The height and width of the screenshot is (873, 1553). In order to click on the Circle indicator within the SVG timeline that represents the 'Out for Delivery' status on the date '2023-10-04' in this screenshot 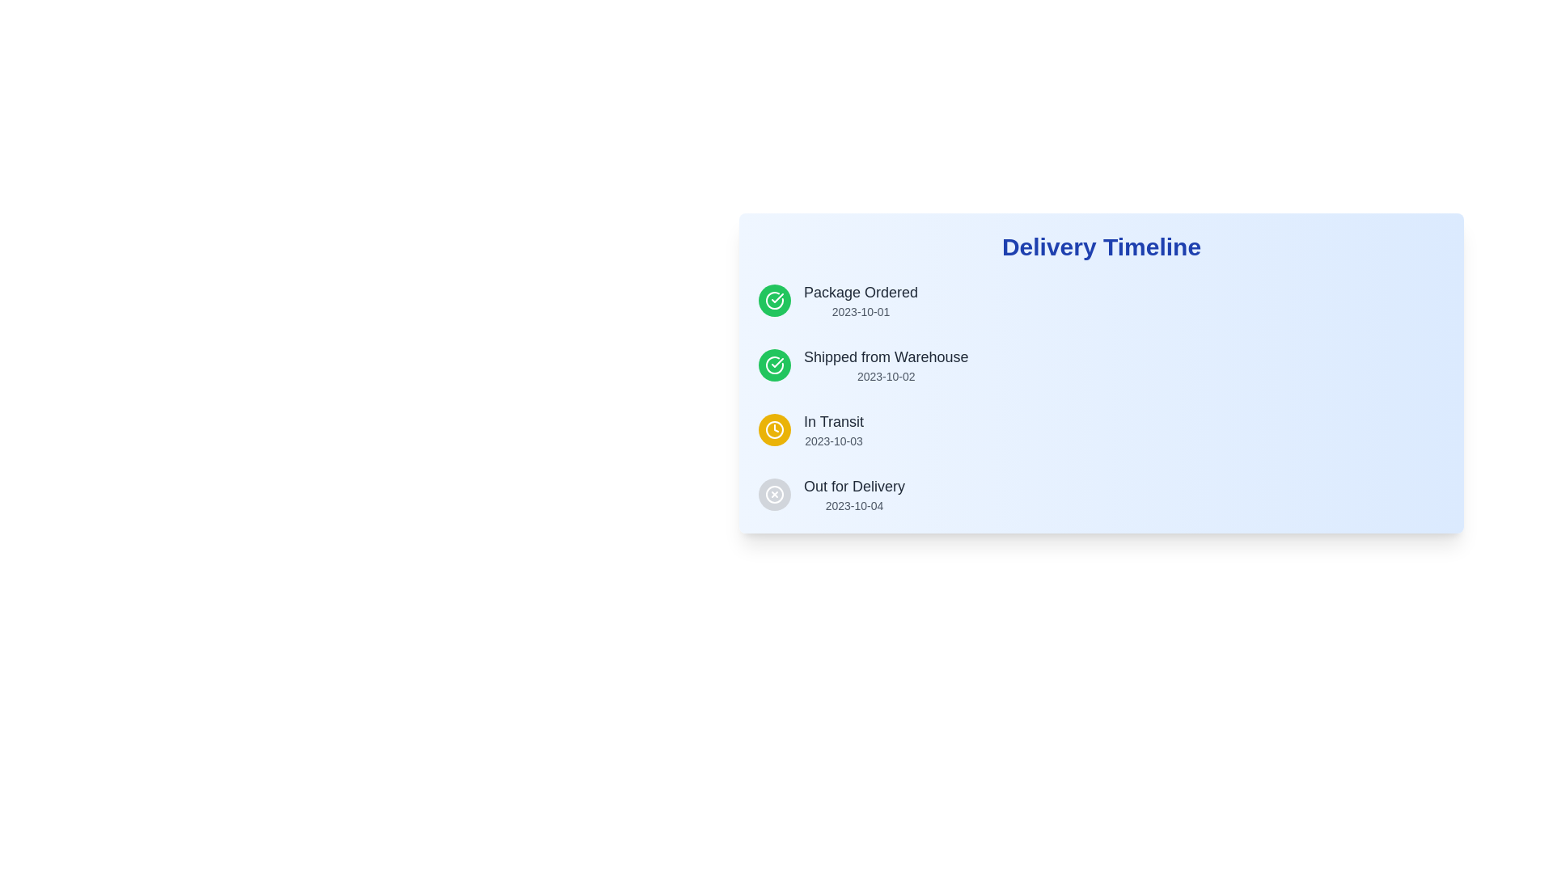, I will do `click(774, 494)`.